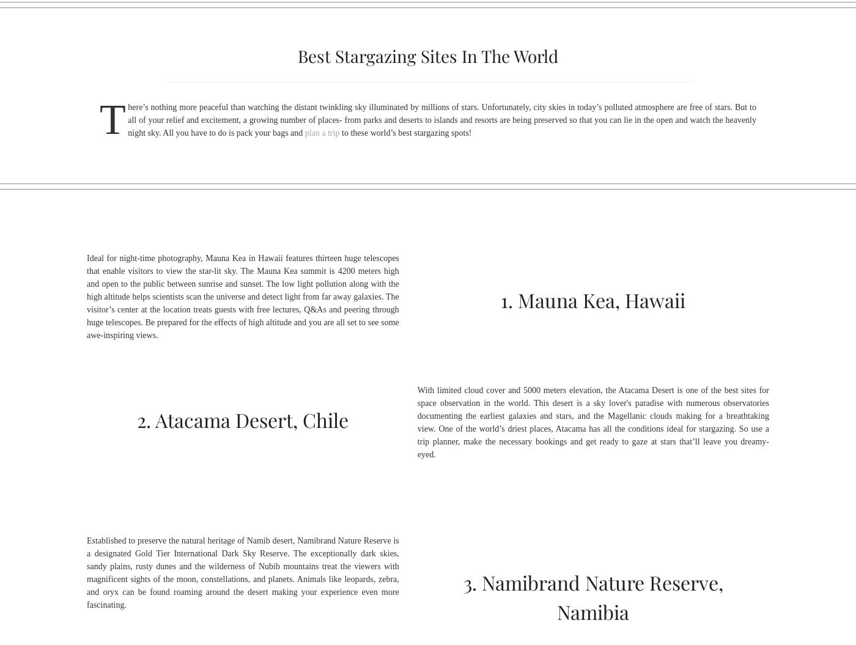 The image size is (856, 645). Describe the element at coordinates (243, 296) in the screenshot. I see `'Ideal for night-time photography, Mauna Kea in Hawaii features thirteen huge telescopes that enable visitors to view the star-lit sky. The Mauna Kea summit is 4200 meters high and open to the public between sunrise and sunset. The low light pollution along with the high altitude helps scientists scan the universe and detect light from far away galaxies. The visitor’s center at the location treats guests with free lectures, Q&As and peering through huge telescopes. Be prepared for the effects of high altitude and you are all set to see some awe-inspiring views.'` at that location.